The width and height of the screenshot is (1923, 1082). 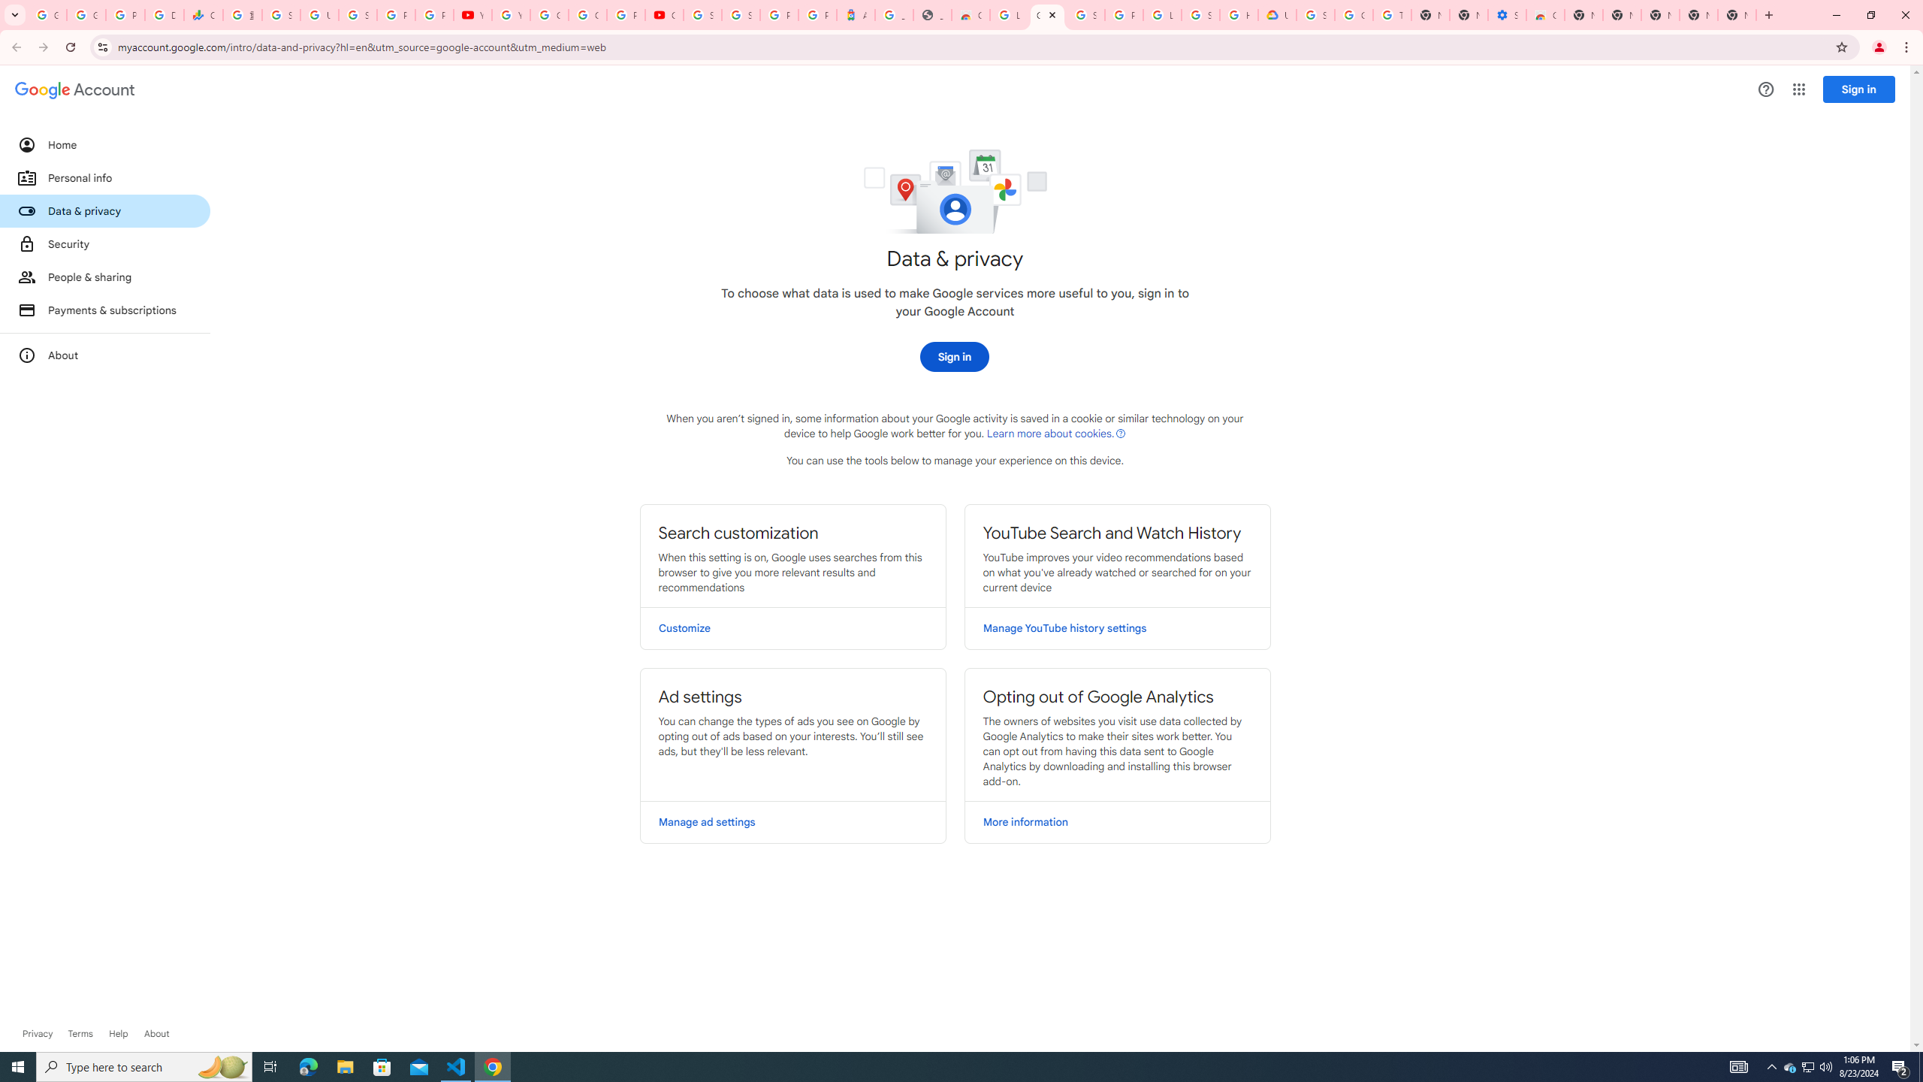 What do you see at coordinates (104, 277) in the screenshot?
I see `'People & sharing'` at bounding box center [104, 277].